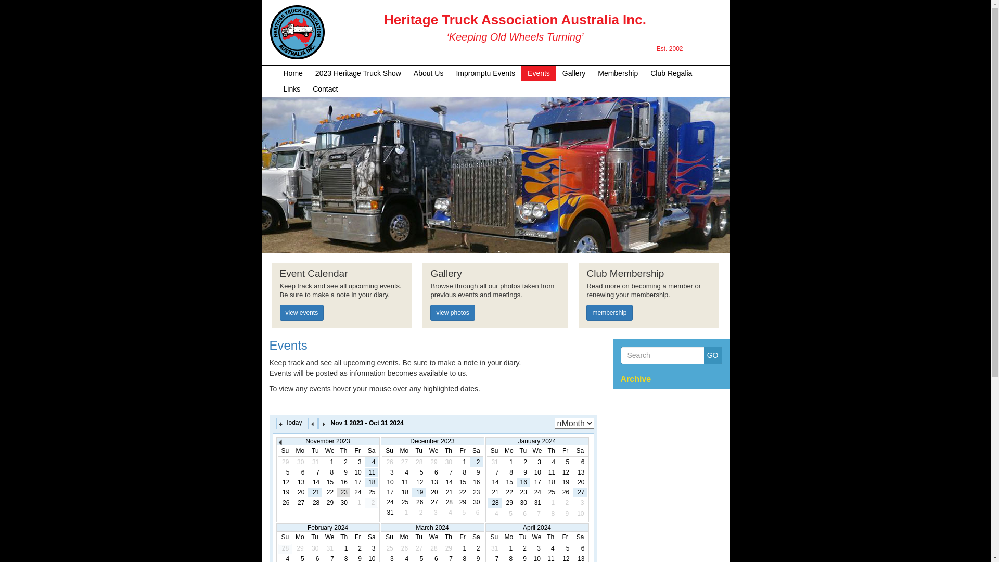 Image resolution: width=999 pixels, height=562 pixels. I want to click on '6', so click(299, 472).